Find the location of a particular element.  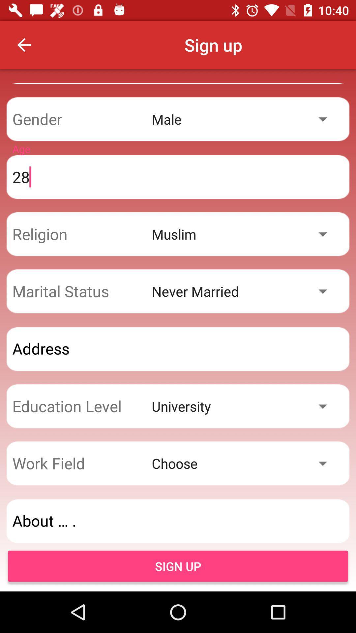

edit section is located at coordinates (178, 521).